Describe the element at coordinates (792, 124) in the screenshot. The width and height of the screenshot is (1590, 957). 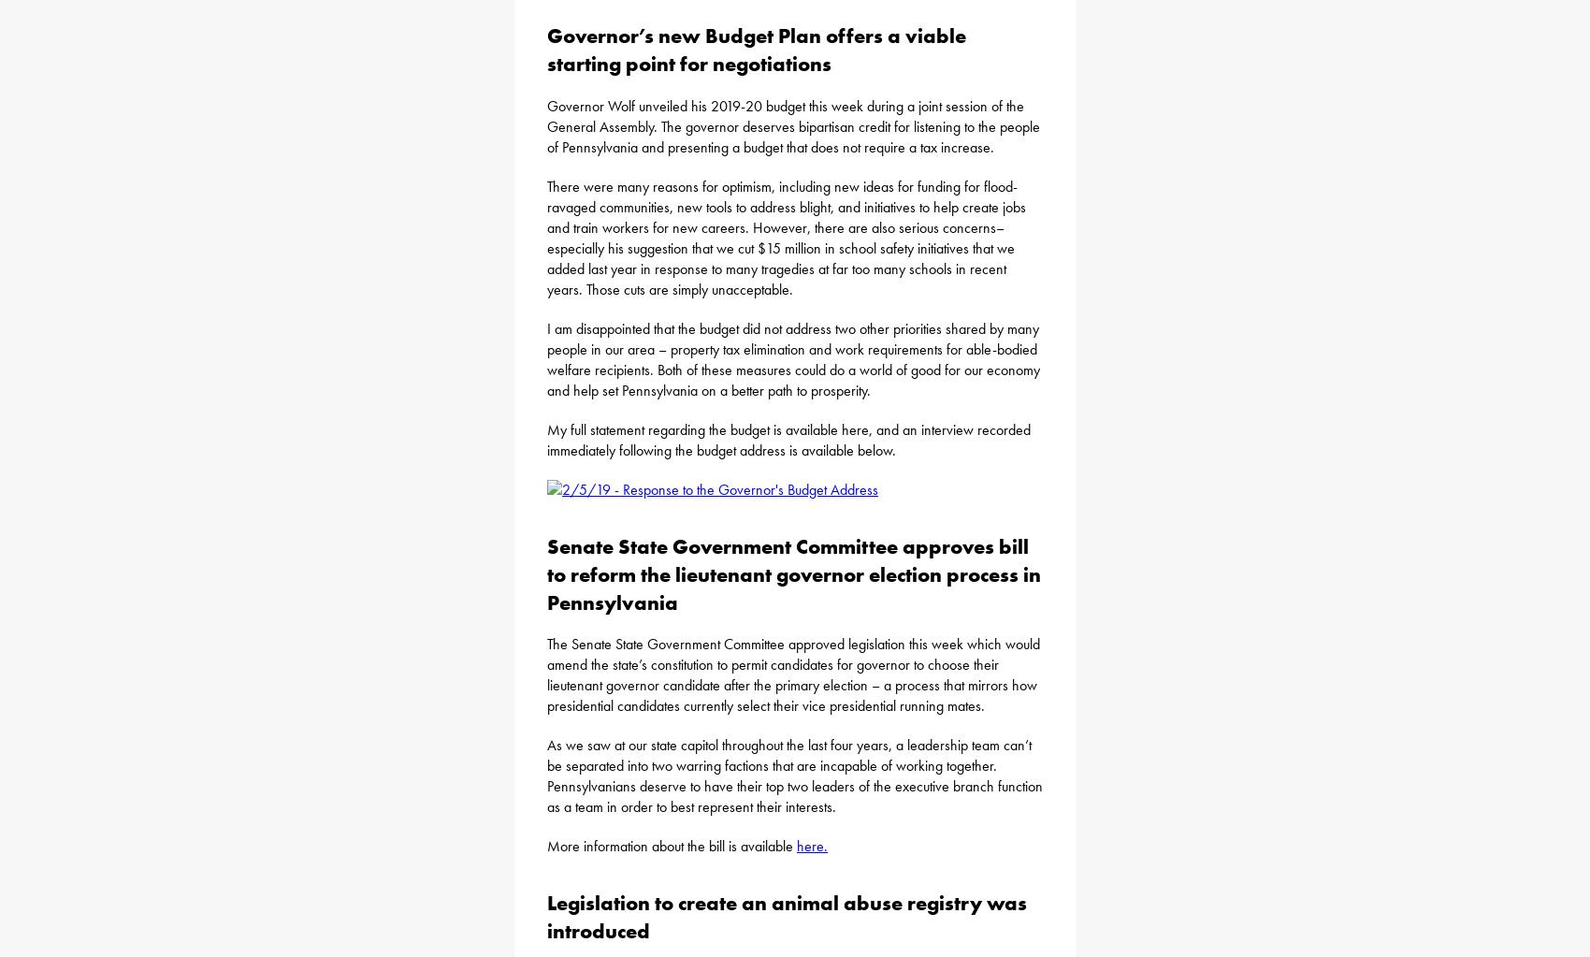
I see `'Governor Wolf unveiled his 2019-20 budget this week during a joint session of the General Assembly. The governor deserves bipartisan credit for listening to the people of Pennsylvania and presenting a budget that does not require a tax increase.'` at that location.